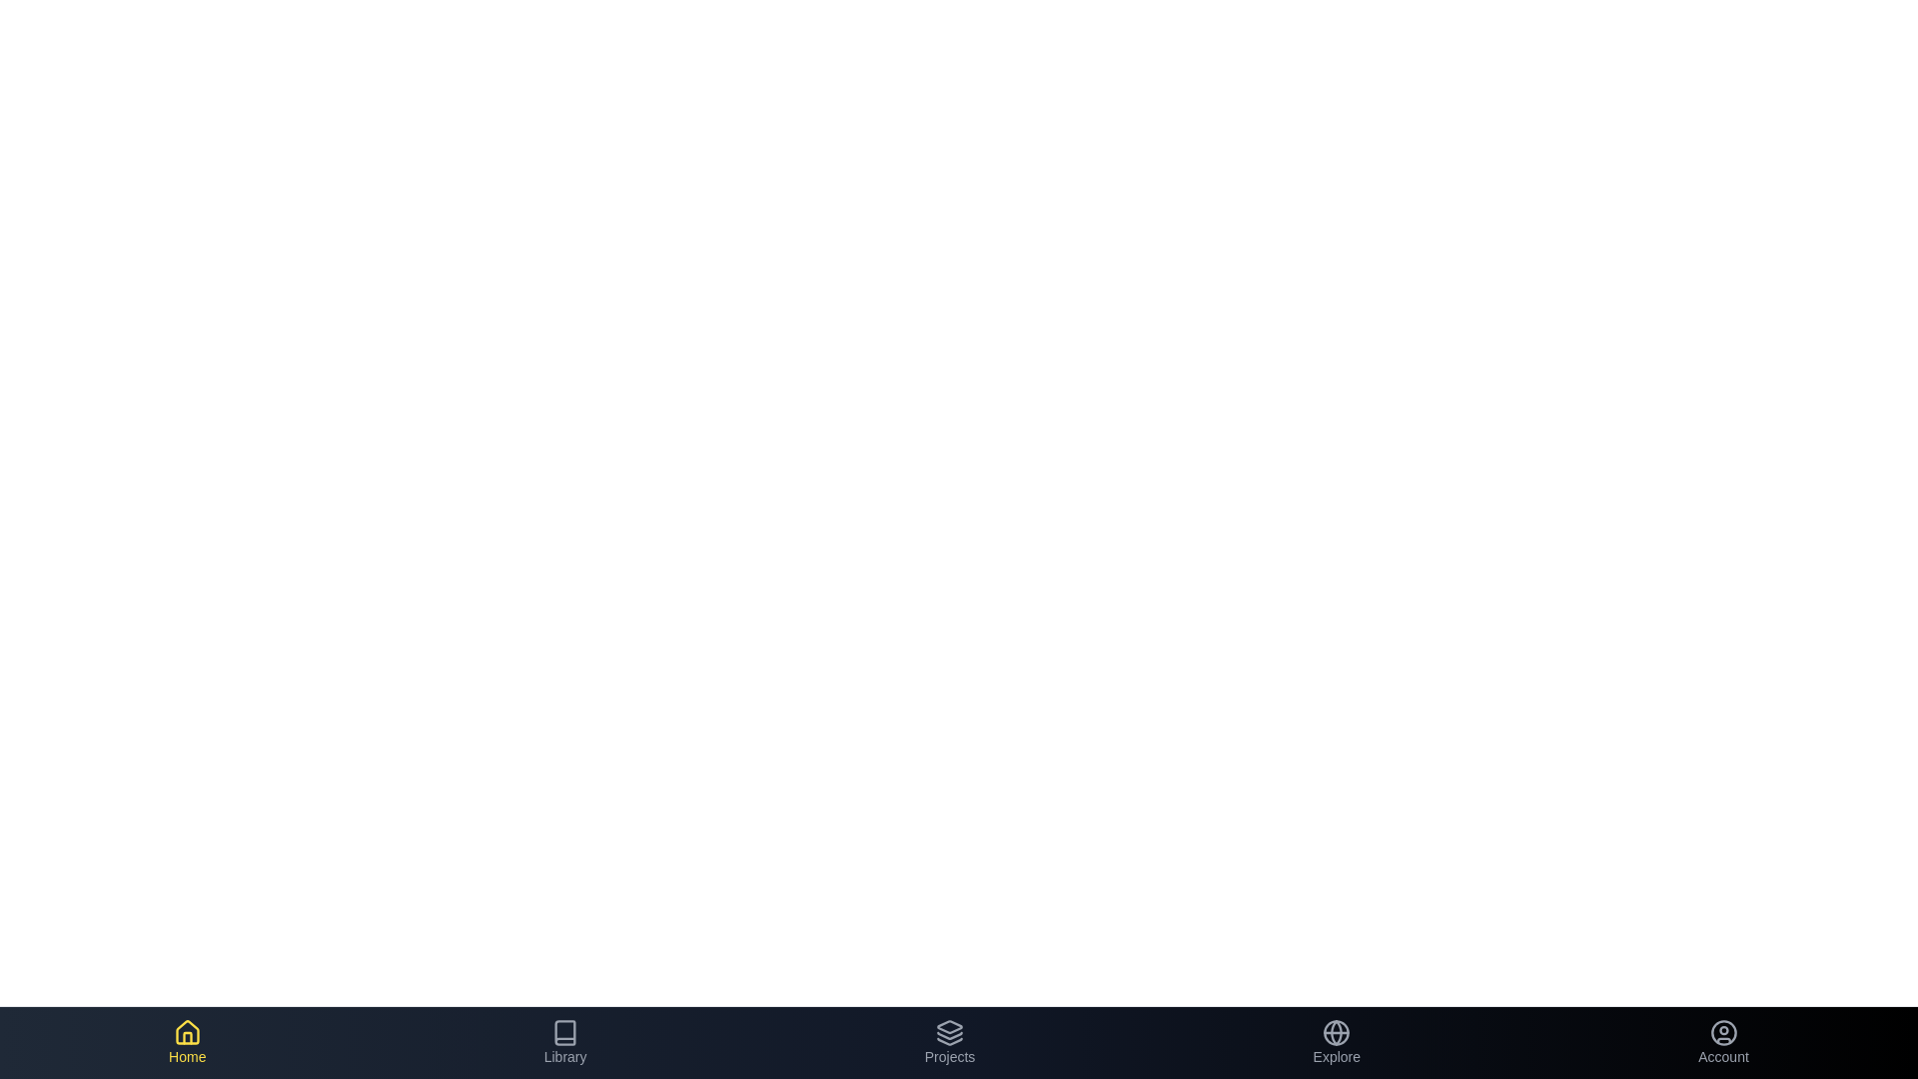  What do you see at coordinates (187, 1042) in the screenshot?
I see `the Home tab to navigate to its section` at bounding box center [187, 1042].